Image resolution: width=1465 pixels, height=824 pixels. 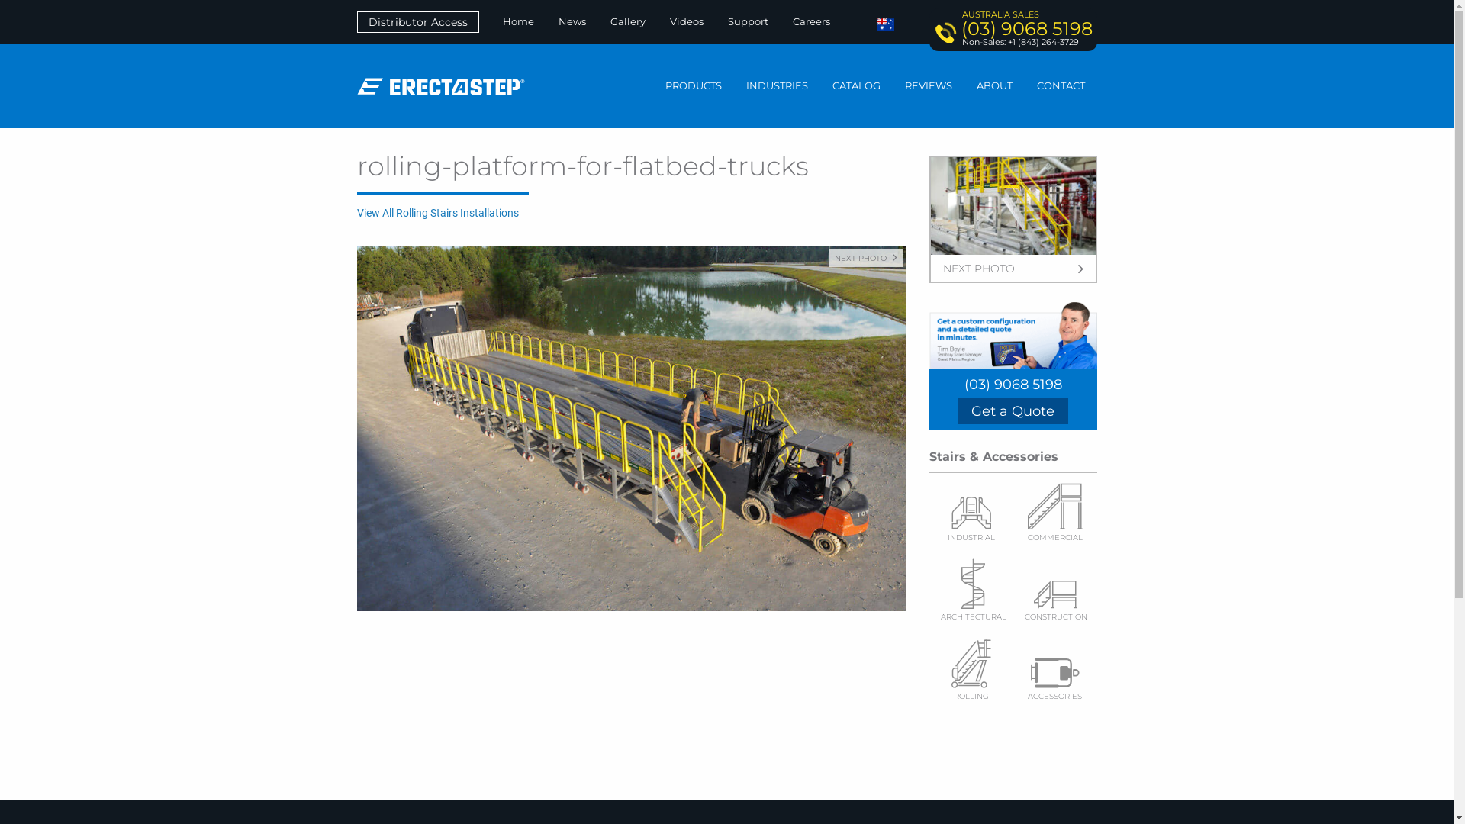 I want to click on '+1 (843) 264-3729', so click(x=1007, y=40).